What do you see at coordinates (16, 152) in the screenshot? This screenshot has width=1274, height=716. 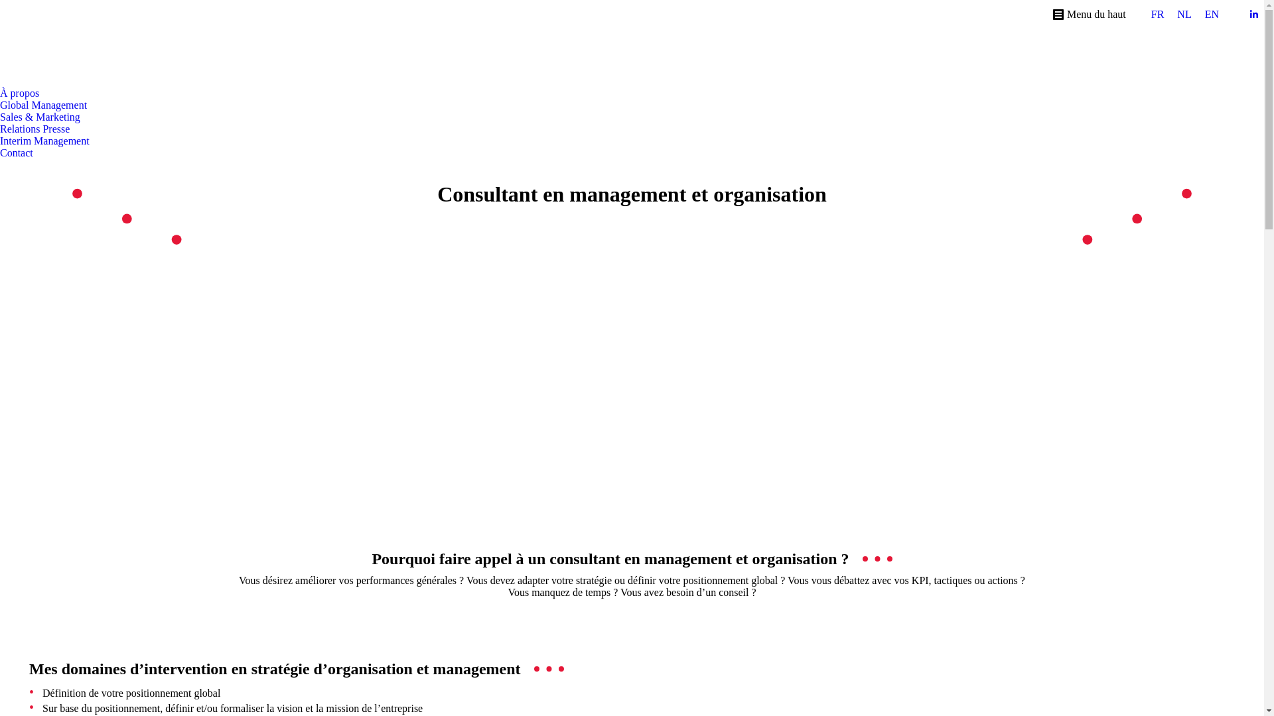 I see `'Contact'` at bounding box center [16, 152].